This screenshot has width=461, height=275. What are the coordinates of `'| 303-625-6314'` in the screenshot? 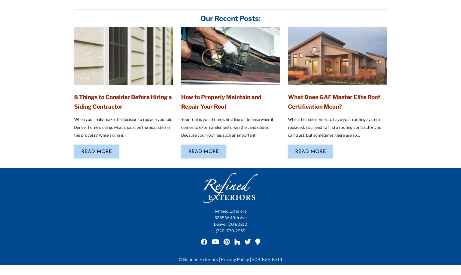 It's located at (265, 259).